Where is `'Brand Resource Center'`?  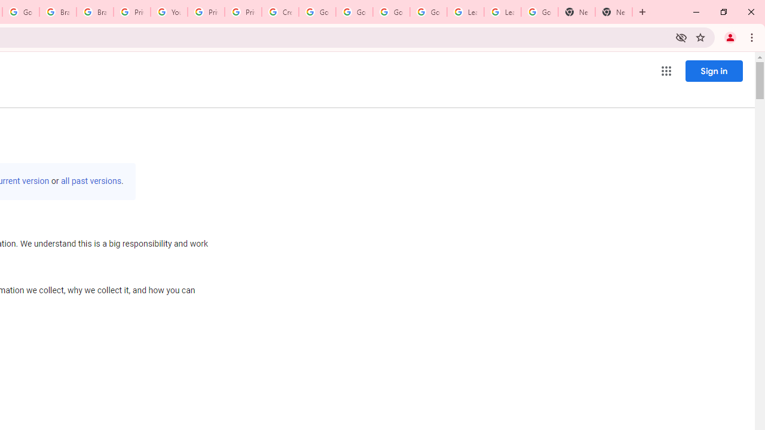
'Brand Resource Center' is located at coordinates (57, 12).